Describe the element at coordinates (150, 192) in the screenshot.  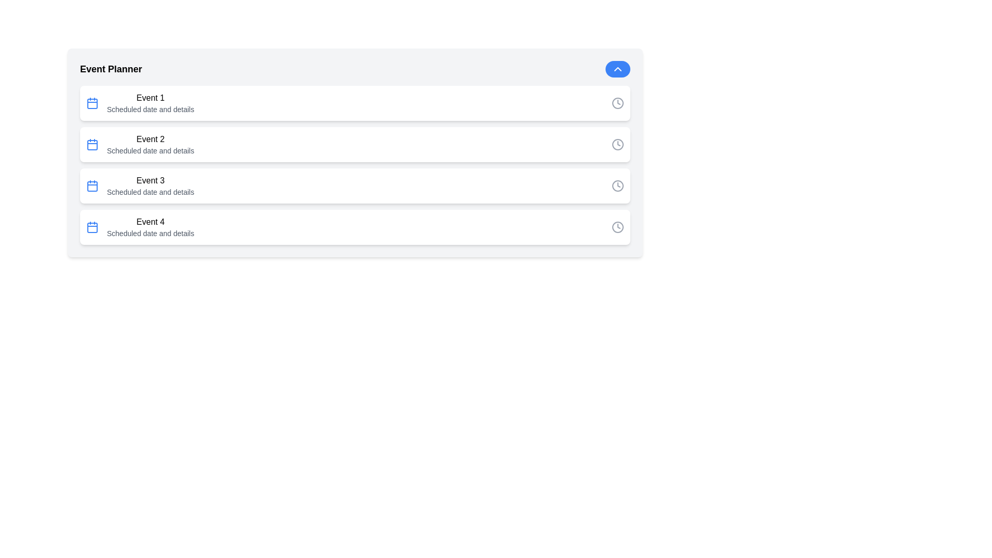
I see `the text element that reads 'Scheduled date and details', which is styled in a smaller gray font and located beneath the bold title 'Event 3'` at that location.